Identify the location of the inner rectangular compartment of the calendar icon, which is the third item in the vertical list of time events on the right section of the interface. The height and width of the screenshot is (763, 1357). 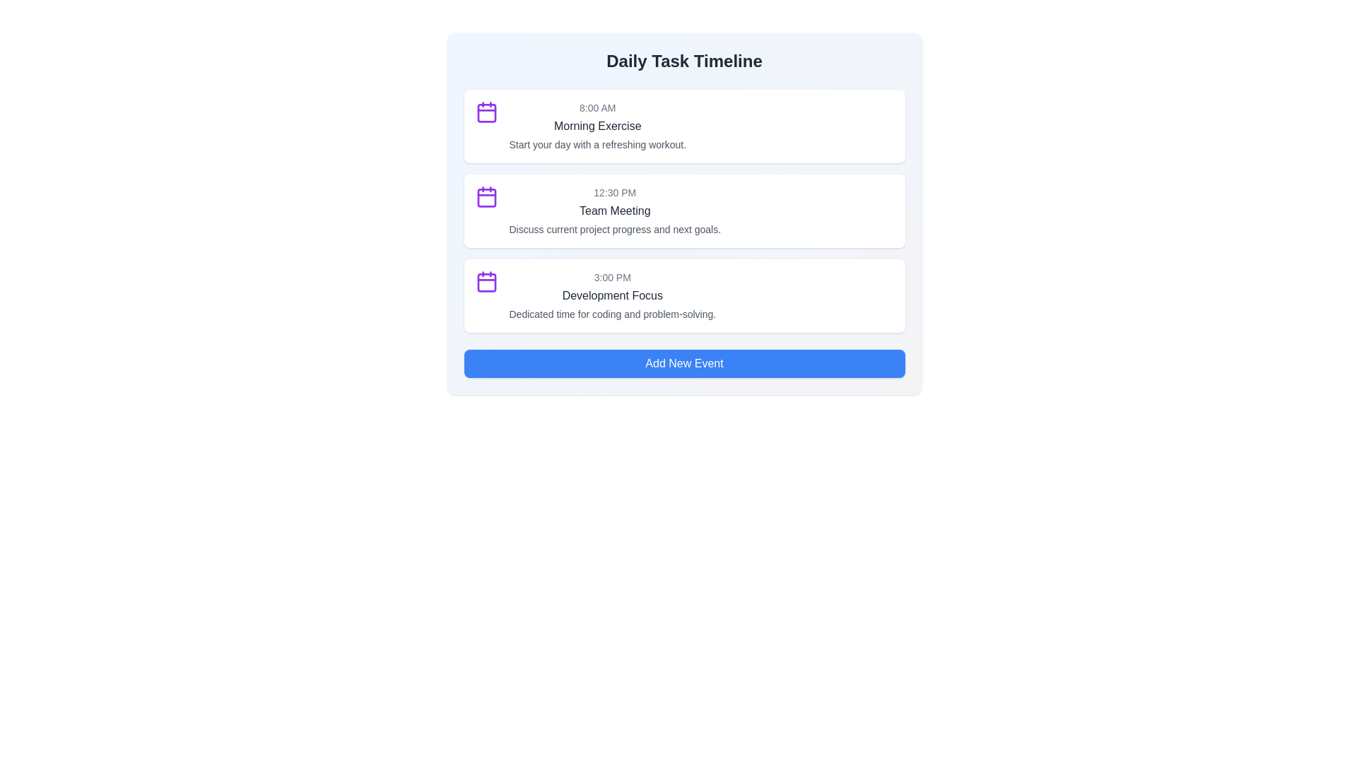
(486, 283).